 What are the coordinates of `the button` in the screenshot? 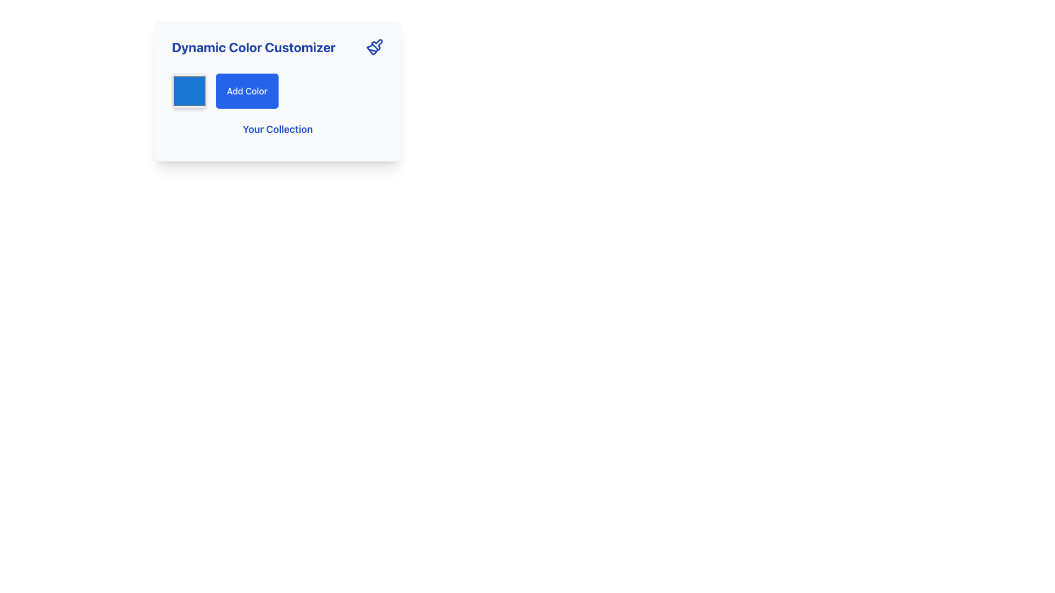 It's located at (277, 108).